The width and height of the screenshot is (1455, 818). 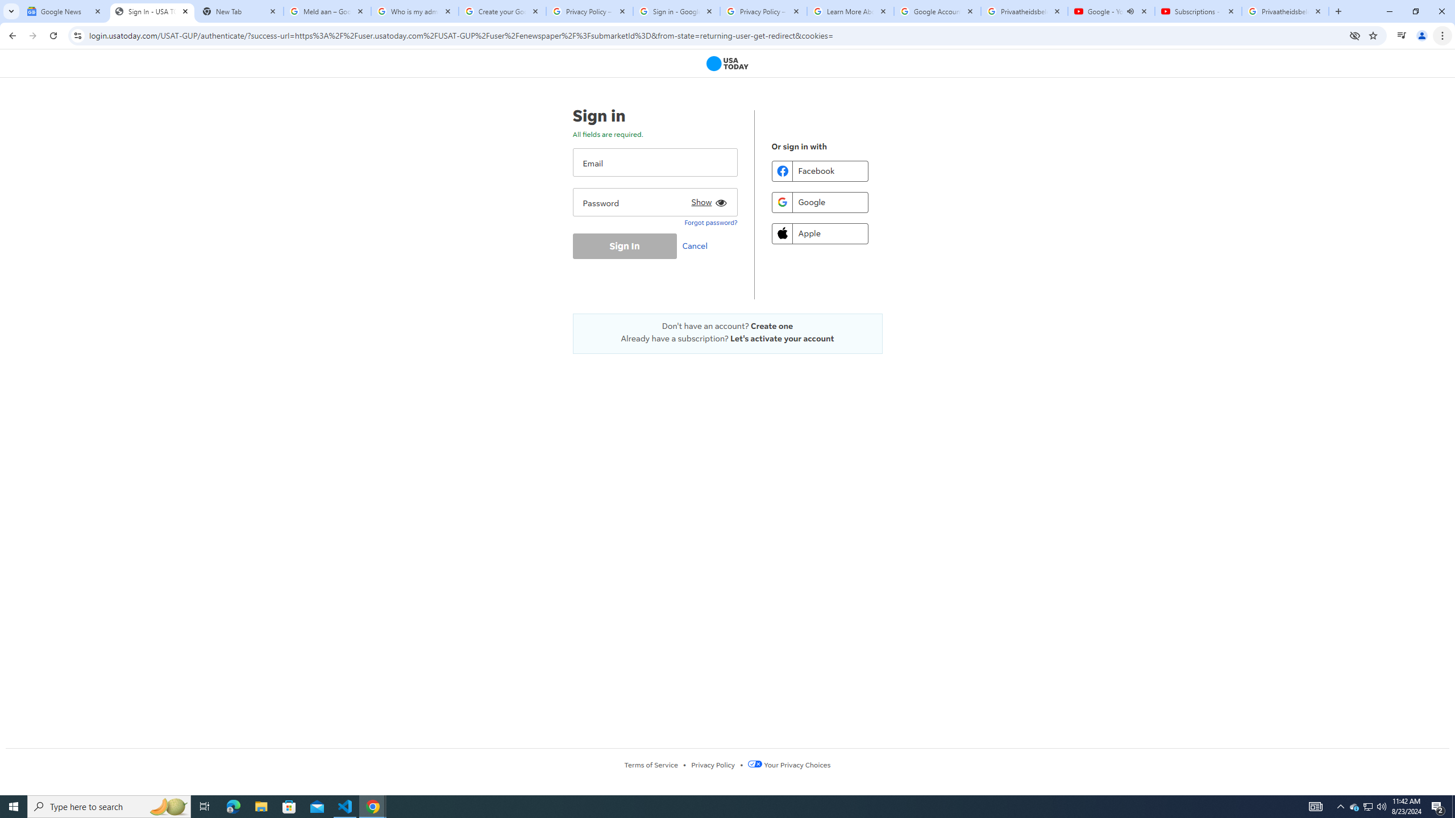 What do you see at coordinates (654, 202) in the screenshot?
I see `'Enter Password'` at bounding box center [654, 202].